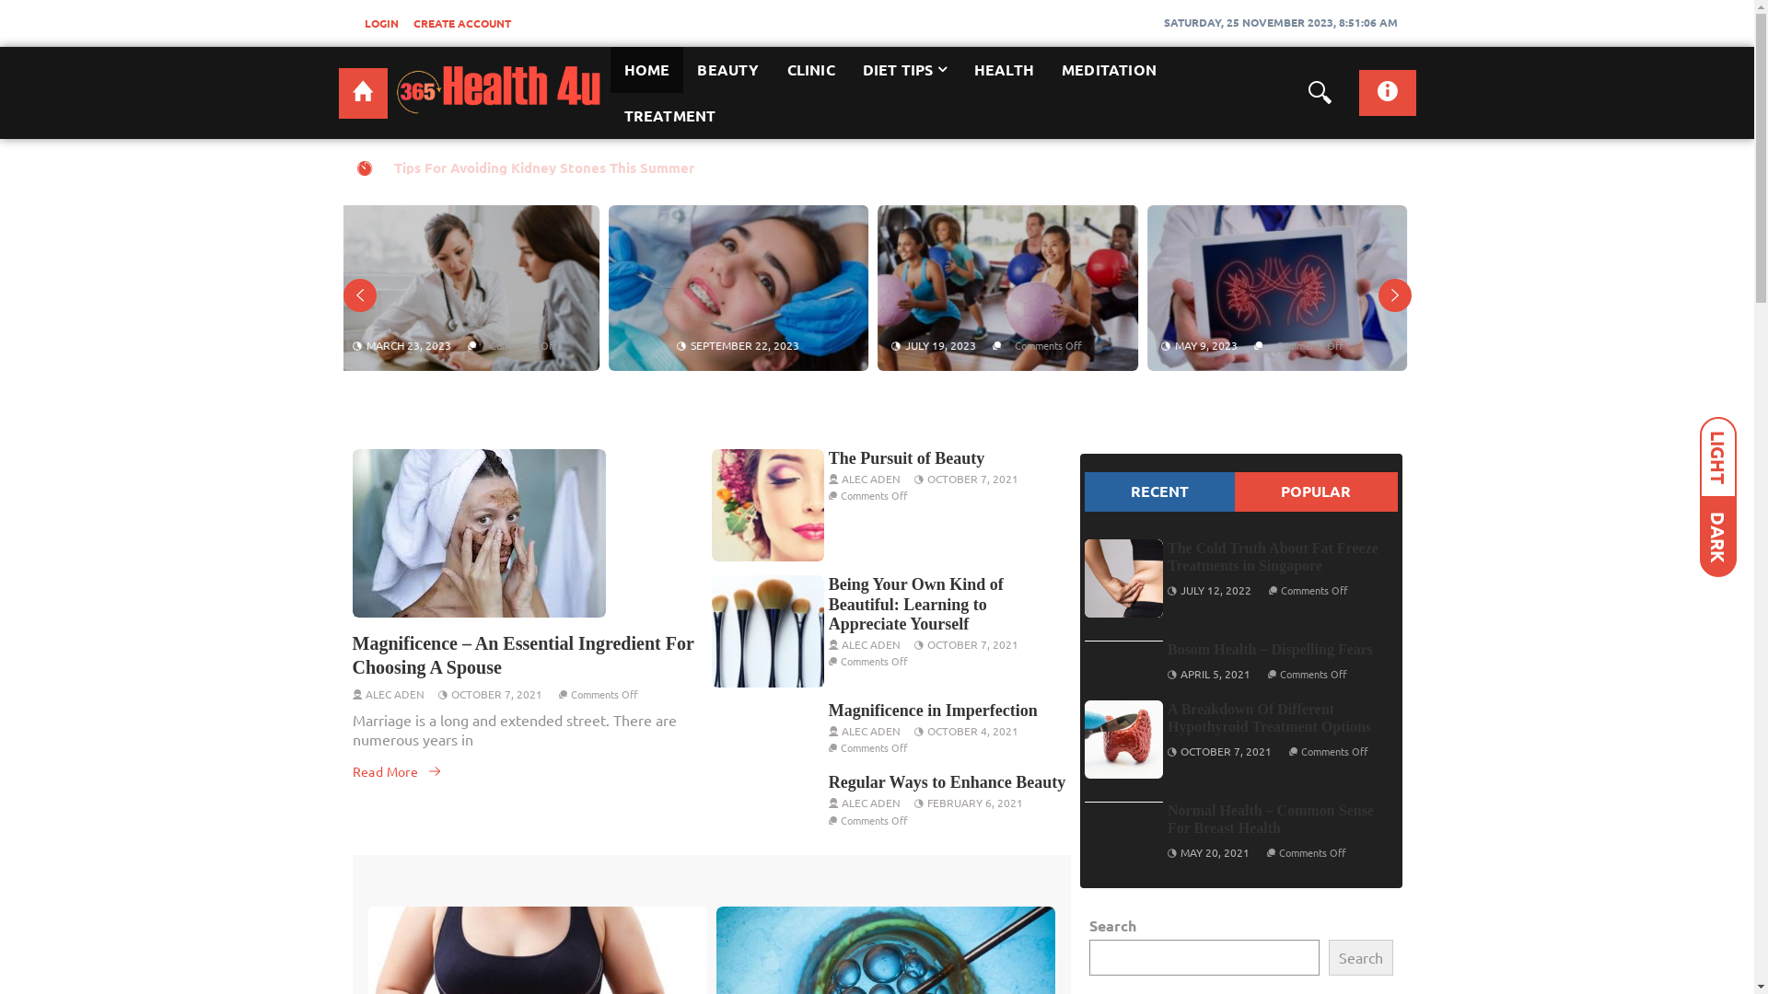  I want to click on 'LOGIN', so click(357, 22).